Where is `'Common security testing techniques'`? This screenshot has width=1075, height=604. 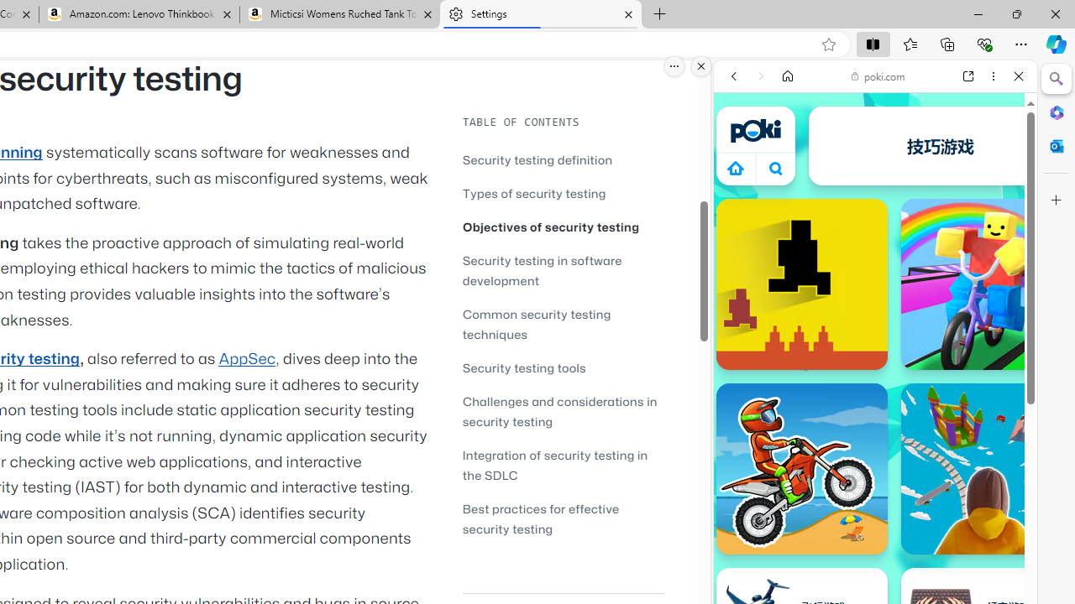 'Common security testing techniques' is located at coordinates (563, 324).